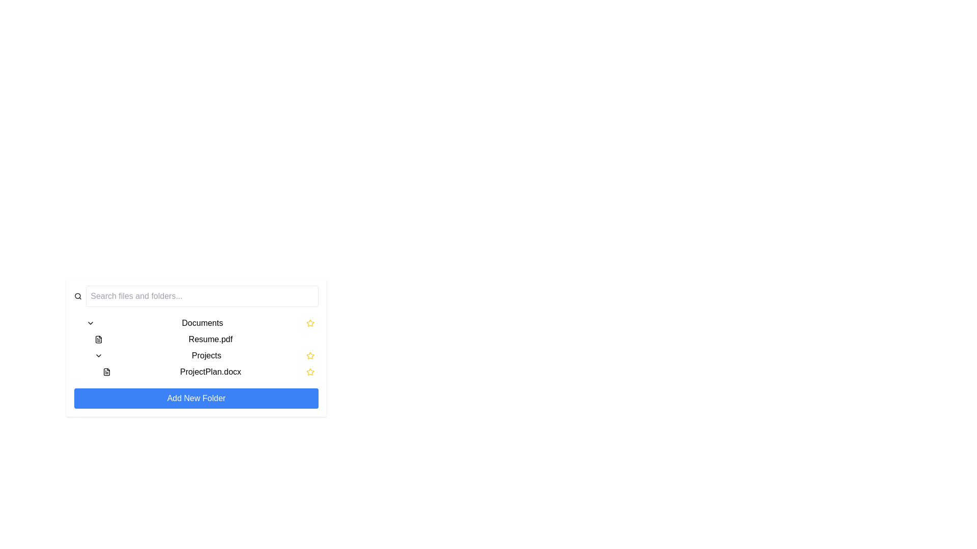 This screenshot has height=549, width=977. What do you see at coordinates (200, 323) in the screenshot?
I see `the first item in the expandable list item header, located just above 'Resume.pdf' and 'Projects'` at bounding box center [200, 323].